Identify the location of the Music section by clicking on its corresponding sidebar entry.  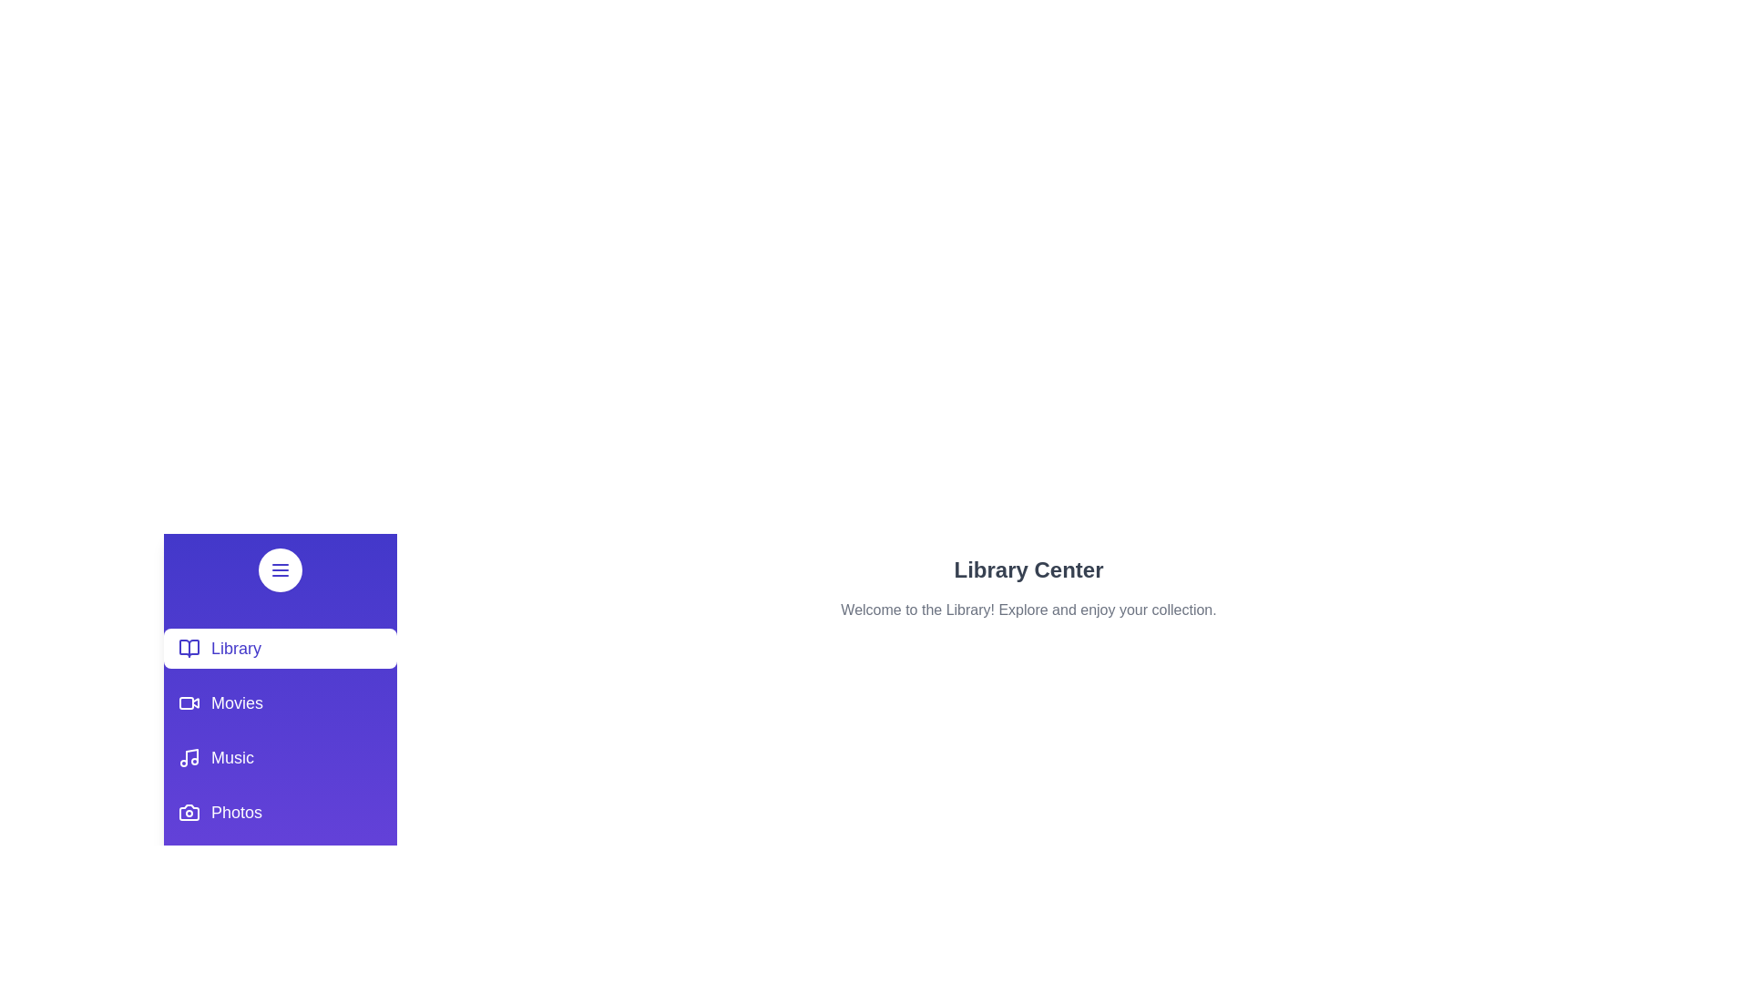
(279, 758).